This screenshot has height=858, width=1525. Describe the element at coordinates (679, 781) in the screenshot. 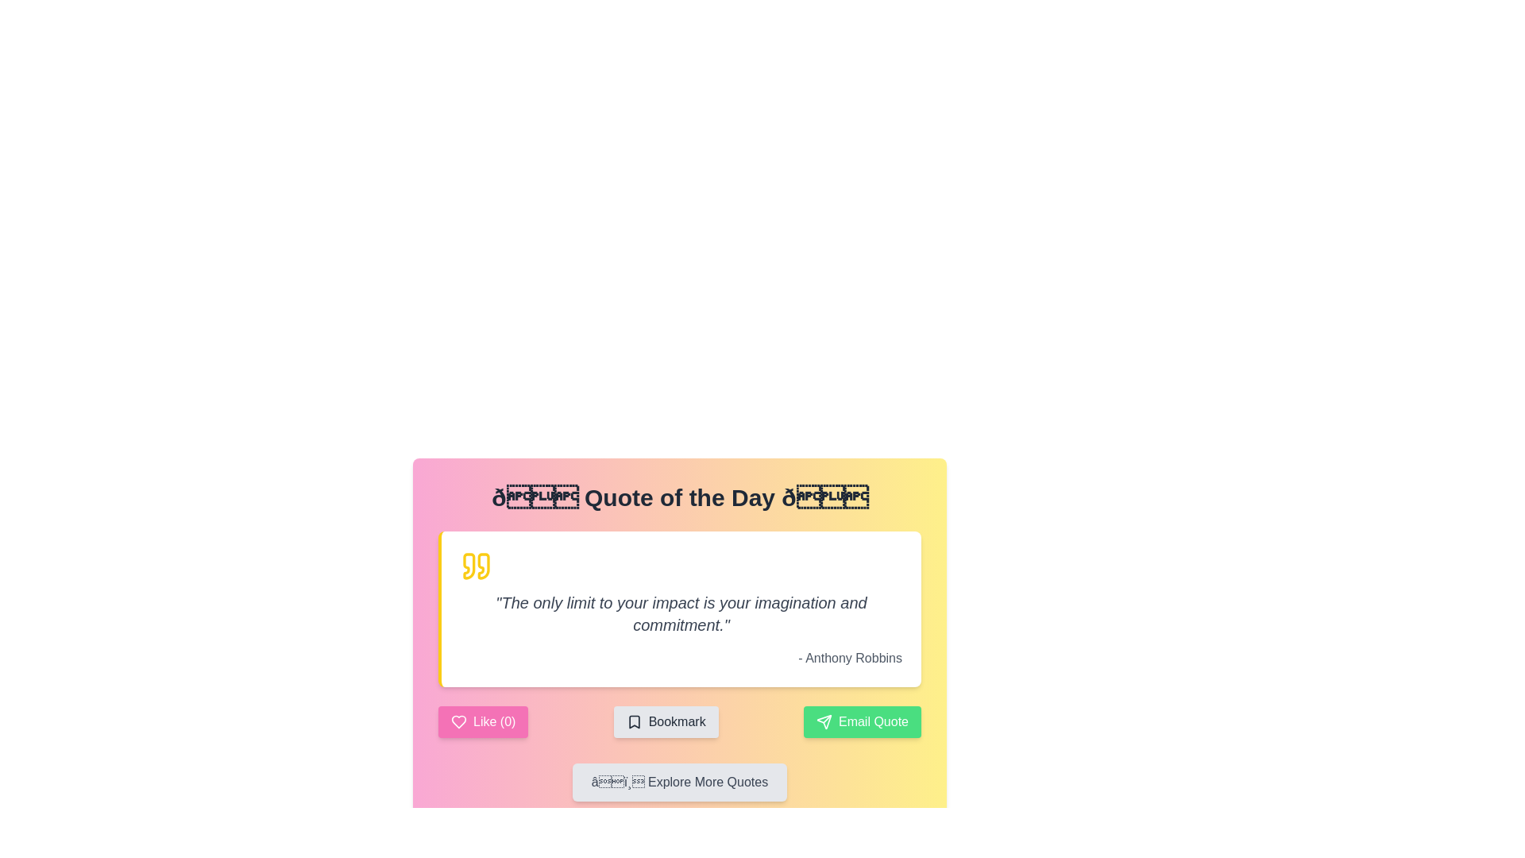

I see `the button labeled '☁️ Explore More Quotes' located at the bottom of the card-like section with a light gray background` at that location.